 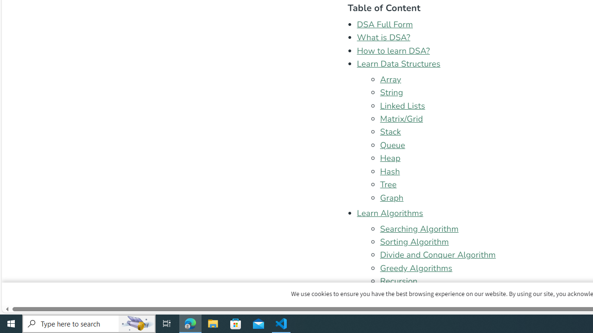 What do you see at coordinates (393, 50) in the screenshot?
I see `'How to learn DSA?'` at bounding box center [393, 50].